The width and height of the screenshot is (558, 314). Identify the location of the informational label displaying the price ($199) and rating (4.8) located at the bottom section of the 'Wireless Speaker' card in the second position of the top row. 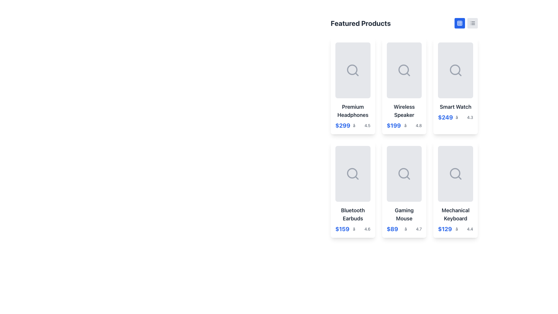
(404, 125).